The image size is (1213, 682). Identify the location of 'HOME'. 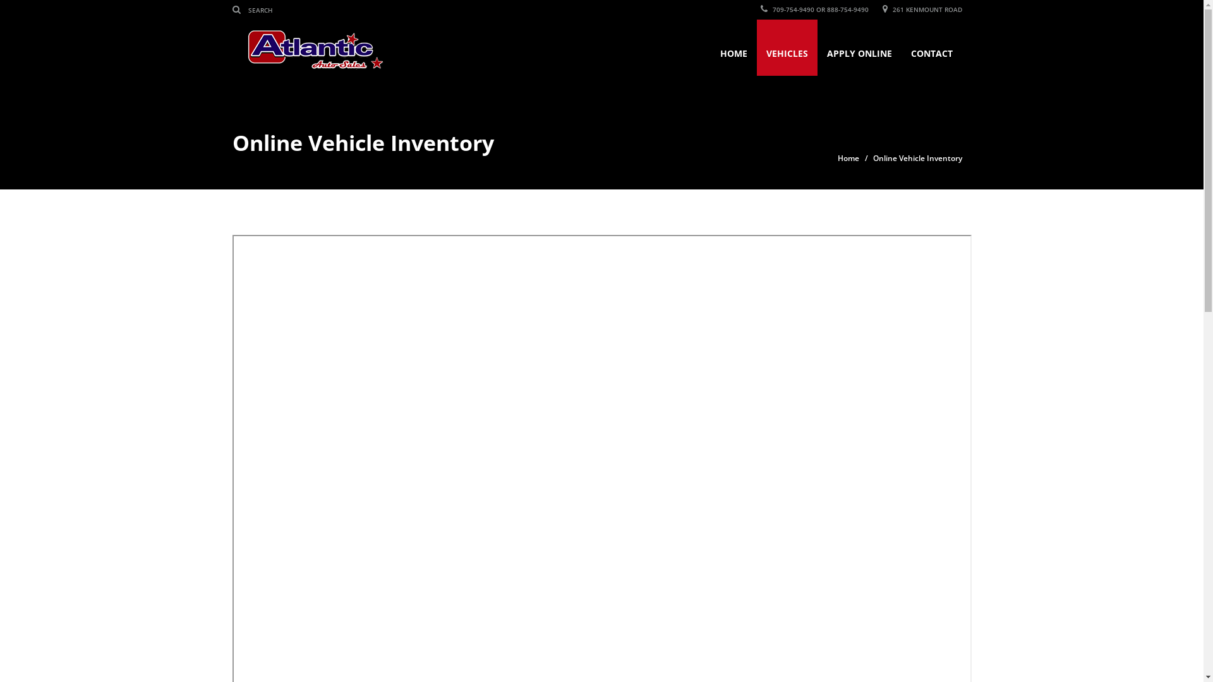
(733, 47).